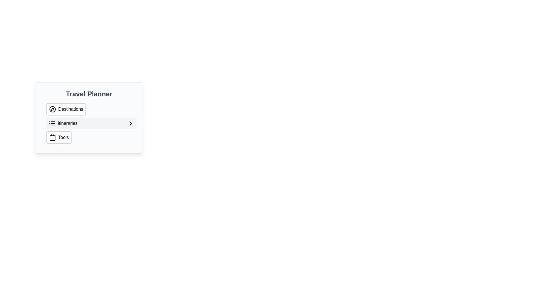 The height and width of the screenshot is (305, 543). Describe the element at coordinates (63, 123) in the screenshot. I see `the navigation link for itineraries, which is the second item below 'Destinations' and above 'Tools'` at that location.